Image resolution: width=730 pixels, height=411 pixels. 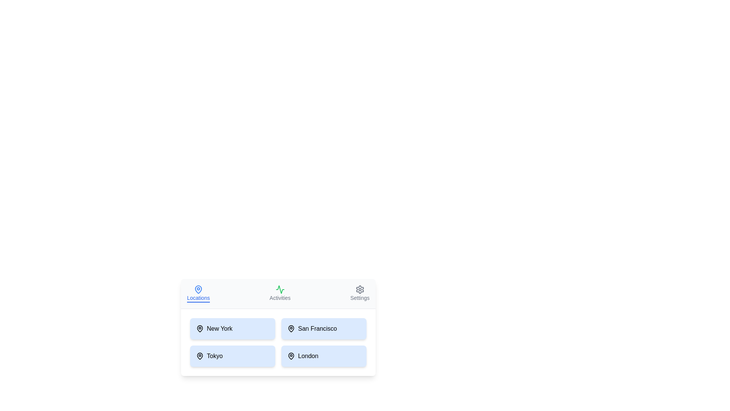 What do you see at coordinates (198, 293) in the screenshot?
I see `the tab titled Locations` at bounding box center [198, 293].